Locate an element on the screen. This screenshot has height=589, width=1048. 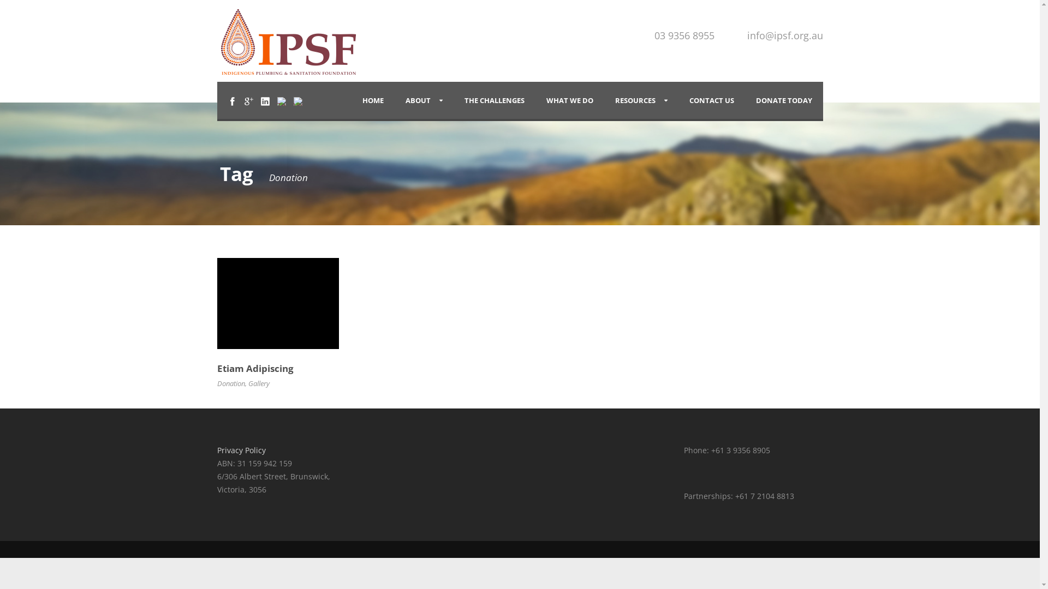
'RESOURCES' is located at coordinates (641, 100).